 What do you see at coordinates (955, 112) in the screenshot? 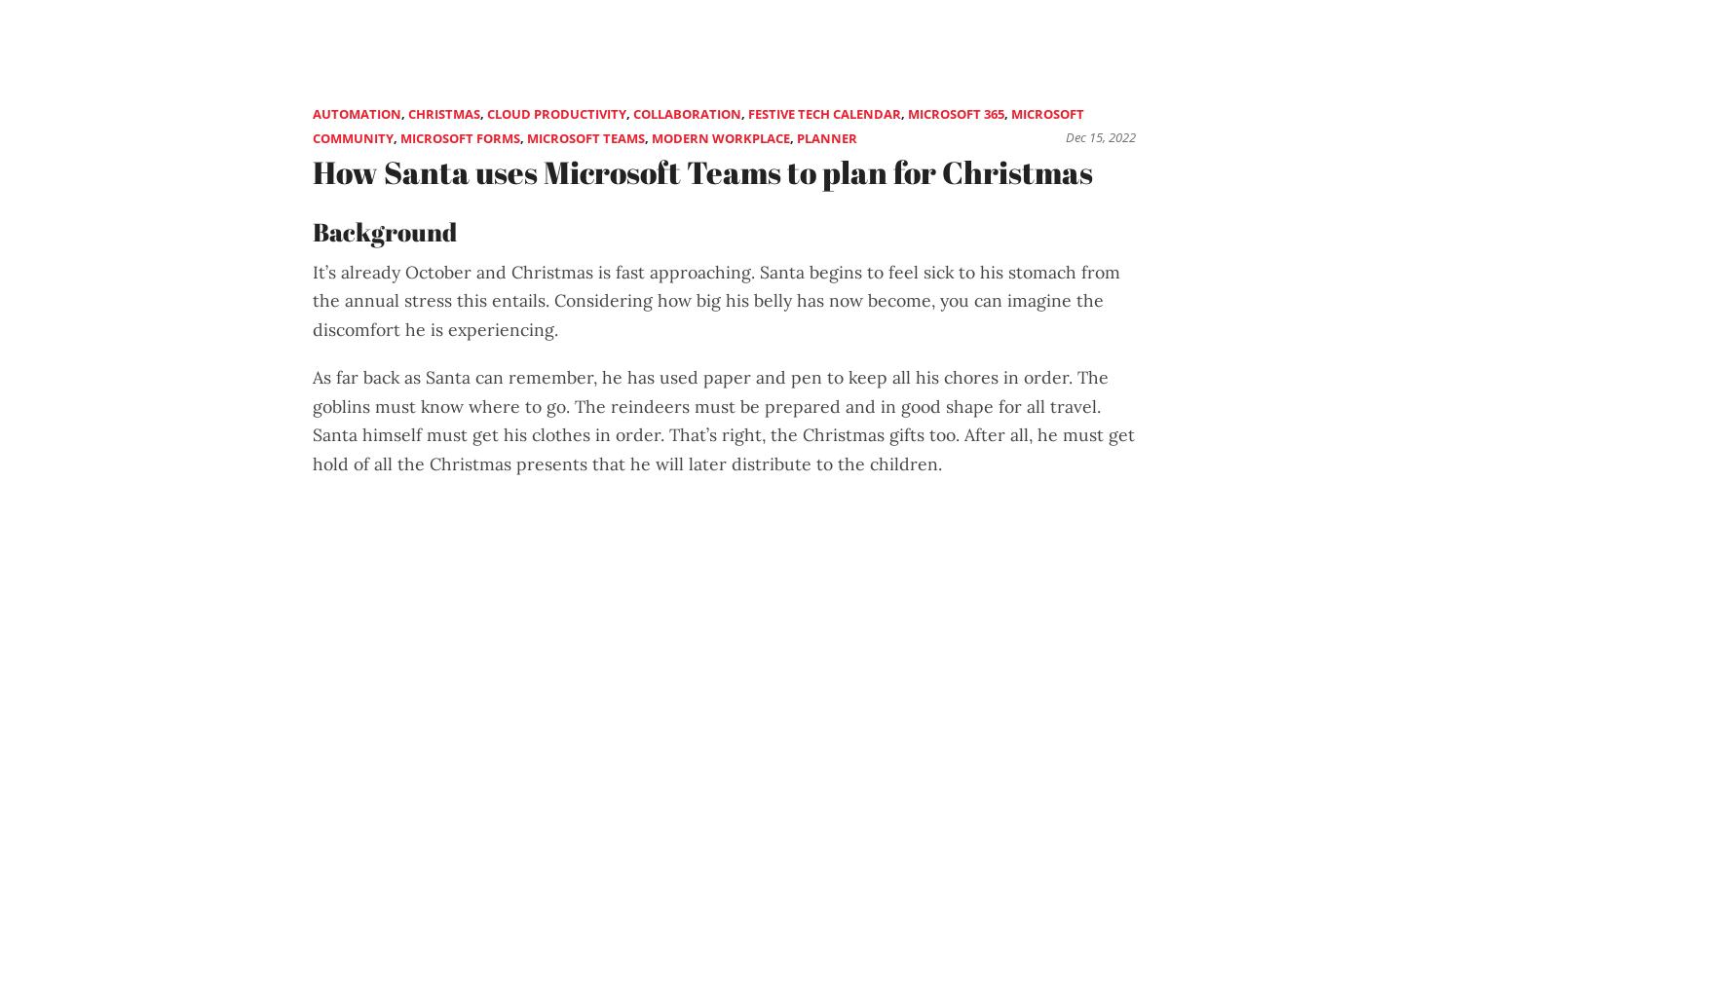
I see `'Microsoft 365'` at bounding box center [955, 112].